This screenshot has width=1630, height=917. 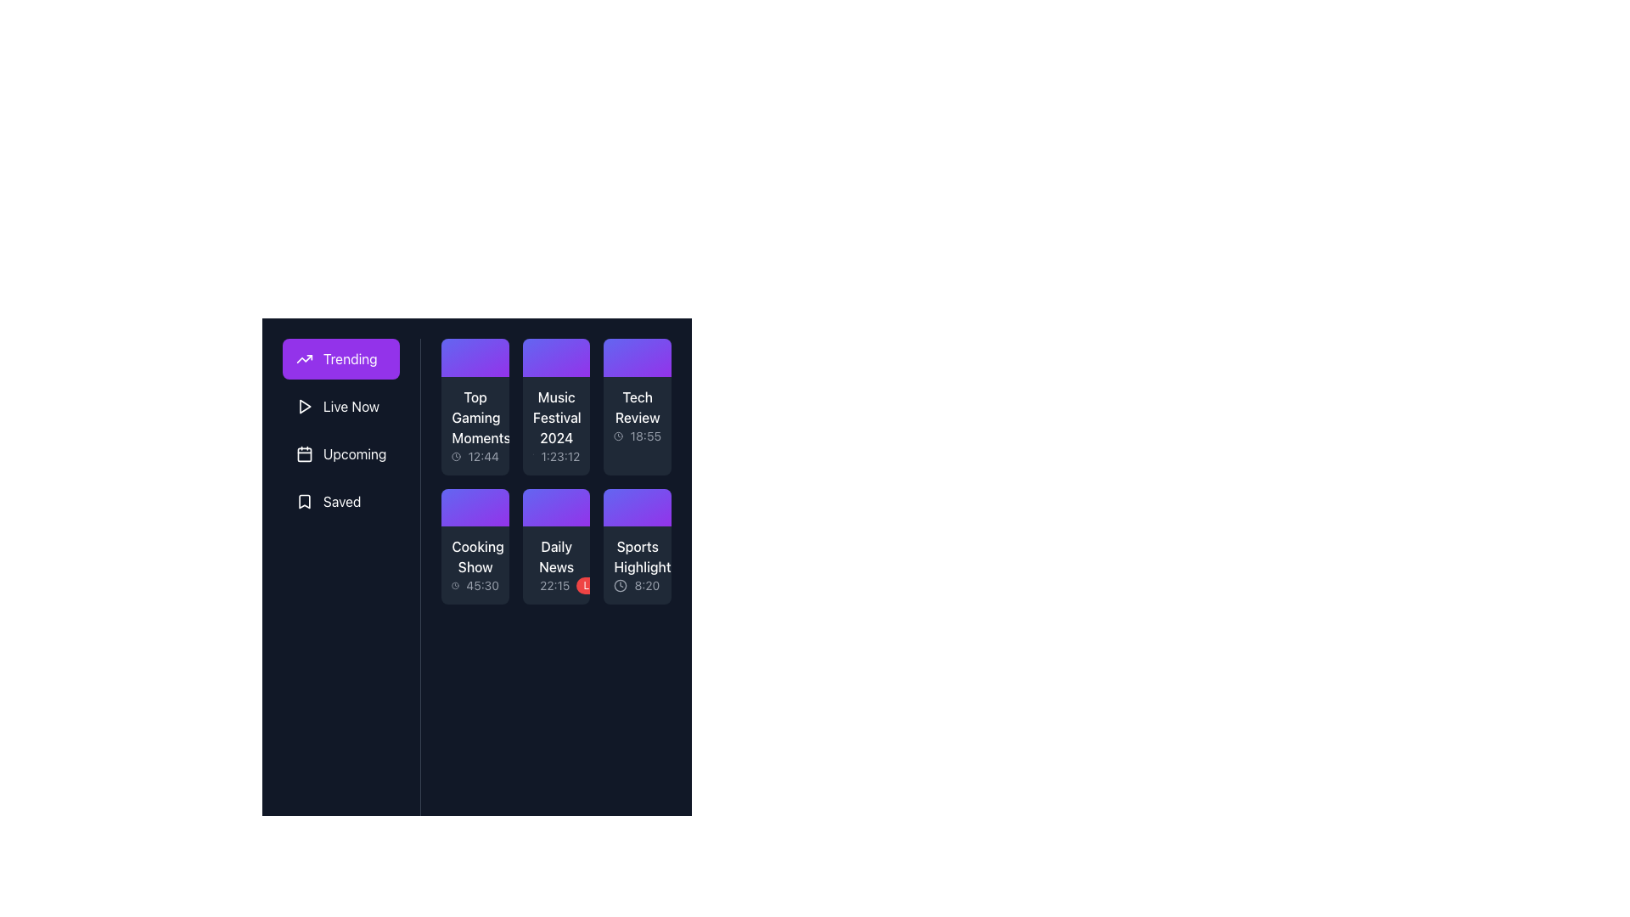 What do you see at coordinates (354, 453) in the screenshot?
I see `the text label for the navigation menu item that links to upcoming events, located below the 'Live Now' item and above the 'Saved' item` at bounding box center [354, 453].